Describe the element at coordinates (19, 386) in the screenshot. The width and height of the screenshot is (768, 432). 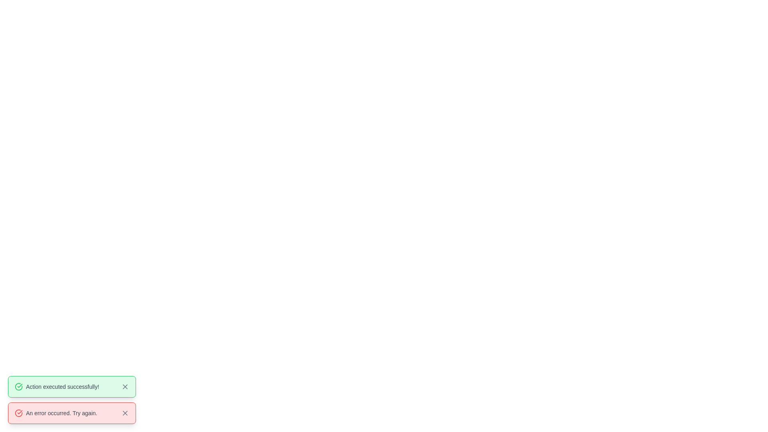
I see `the green circular icon with a checkmark design indicating a successful action, located in the top notification bar to the left of the text 'Action executed successfully!'` at that location.